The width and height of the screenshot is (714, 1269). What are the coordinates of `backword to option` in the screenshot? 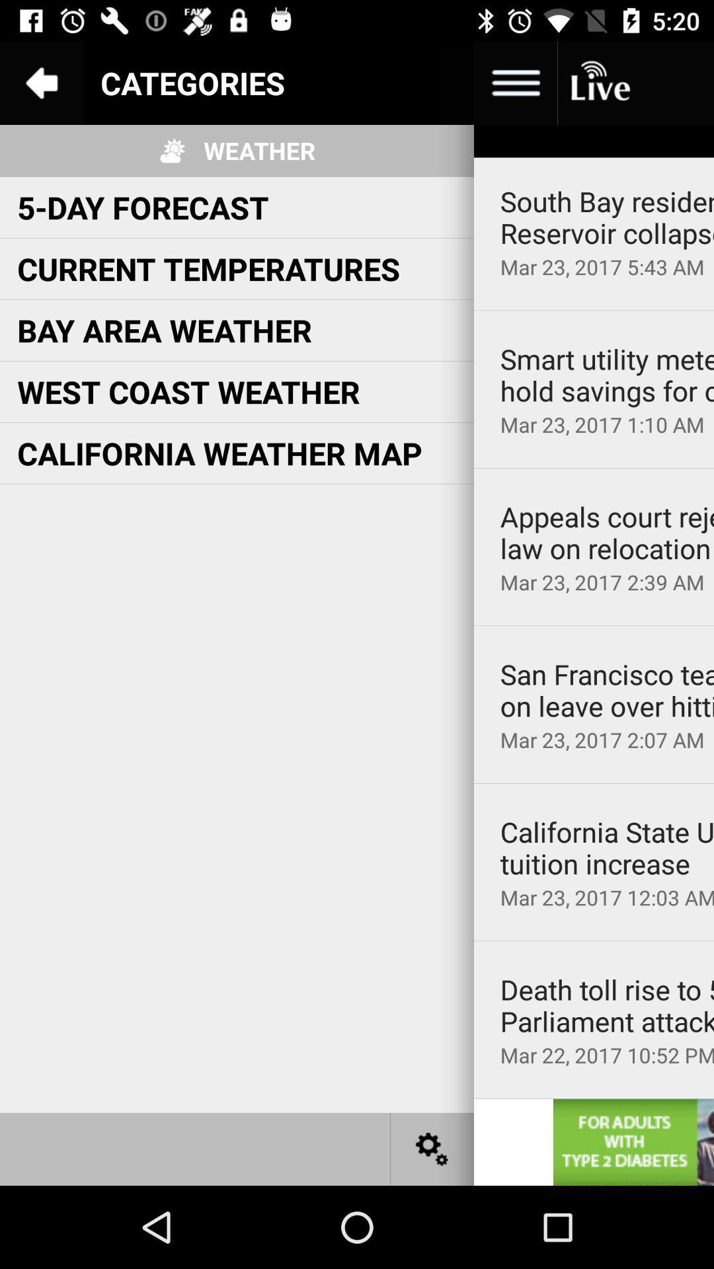 It's located at (40, 82).